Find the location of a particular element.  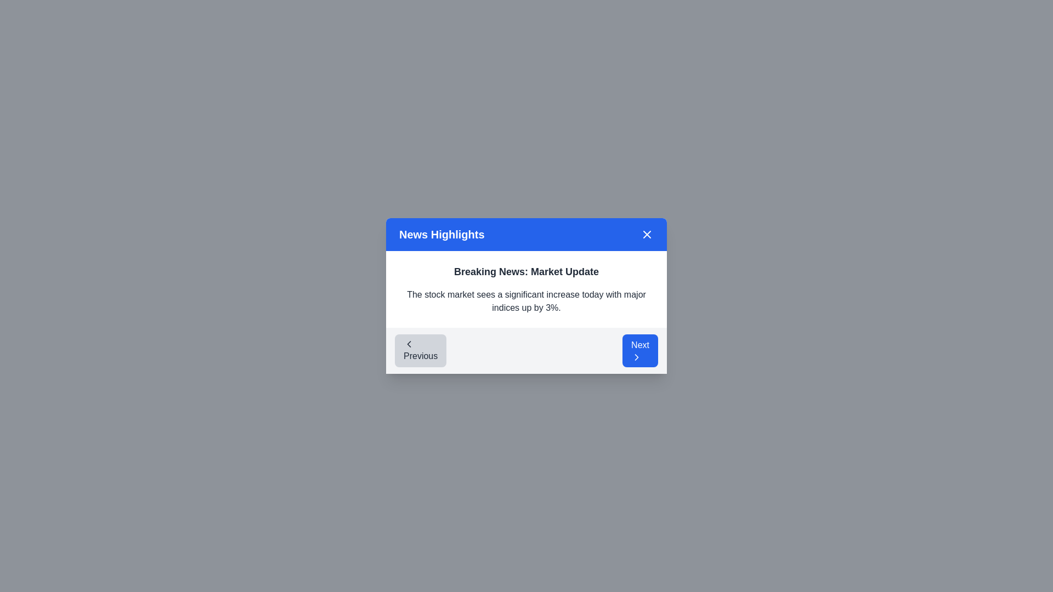

the rightward-pointing chevron icon located inside the blue 'Next' button at the bottom-right corner of the dialog box is located at coordinates (637, 357).